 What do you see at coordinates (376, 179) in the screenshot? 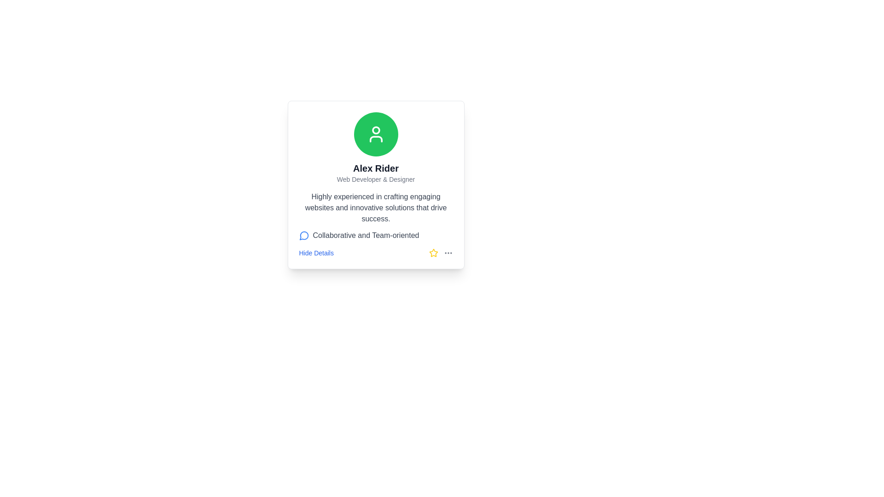
I see `textual content of the label that displays 'Web Developer & Designer', which is located below the name 'Alex Rider' in the user profile card layout` at bounding box center [376, 179].